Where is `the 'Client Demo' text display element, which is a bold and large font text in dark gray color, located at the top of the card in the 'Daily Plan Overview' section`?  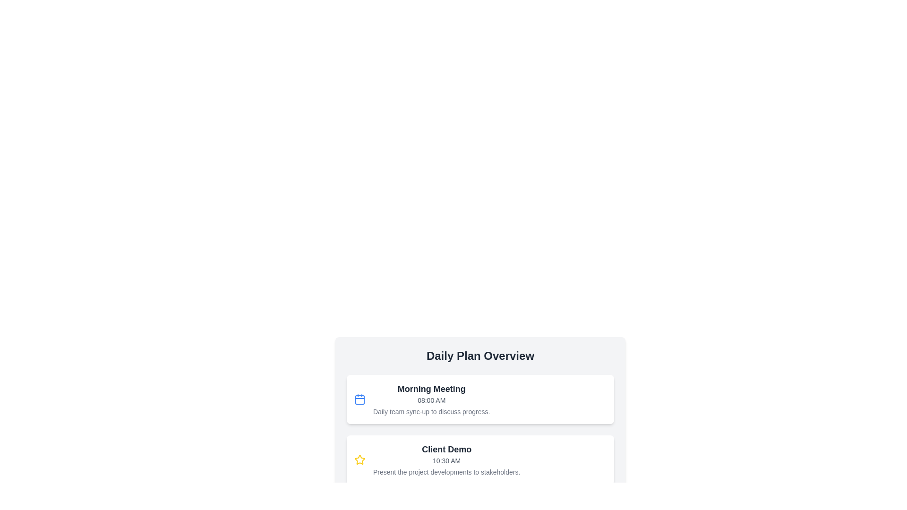 the 'Client Demo' text display element, which is a bold and large font text in dark gray color, located at the top of the card in the 'Daily Plan Overview' section is located at coordinates (446, 449).